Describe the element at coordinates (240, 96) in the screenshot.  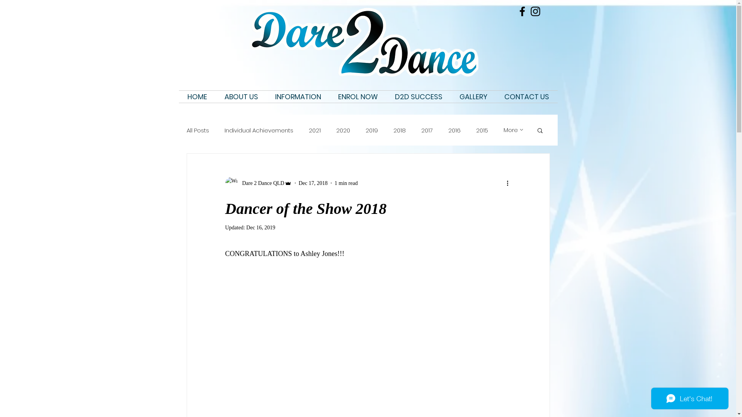
I see `'ABOUT US'` at that location.